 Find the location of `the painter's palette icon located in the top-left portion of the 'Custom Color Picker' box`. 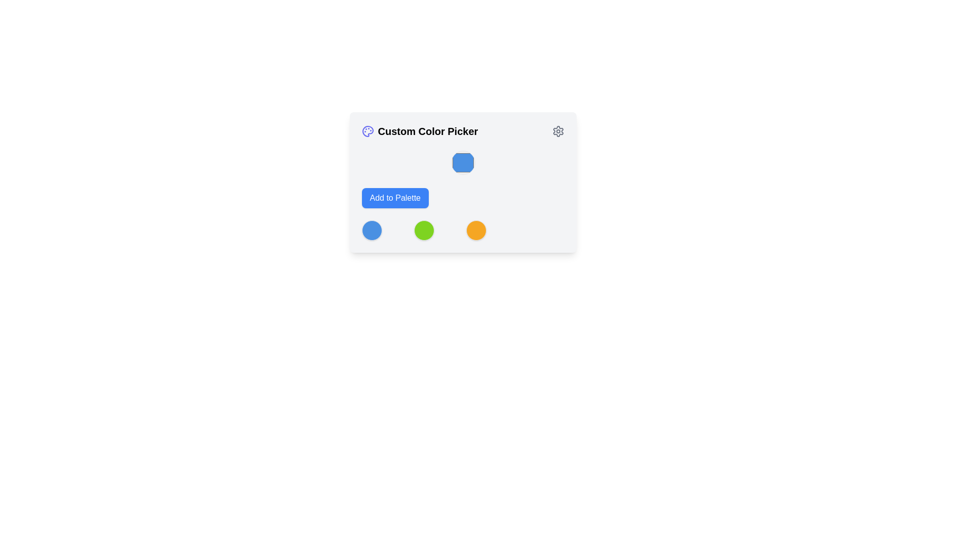

the painter's palette icon located in the top-left portion of the 'Custom Color Picker' box is located at coordinates (367, 130).